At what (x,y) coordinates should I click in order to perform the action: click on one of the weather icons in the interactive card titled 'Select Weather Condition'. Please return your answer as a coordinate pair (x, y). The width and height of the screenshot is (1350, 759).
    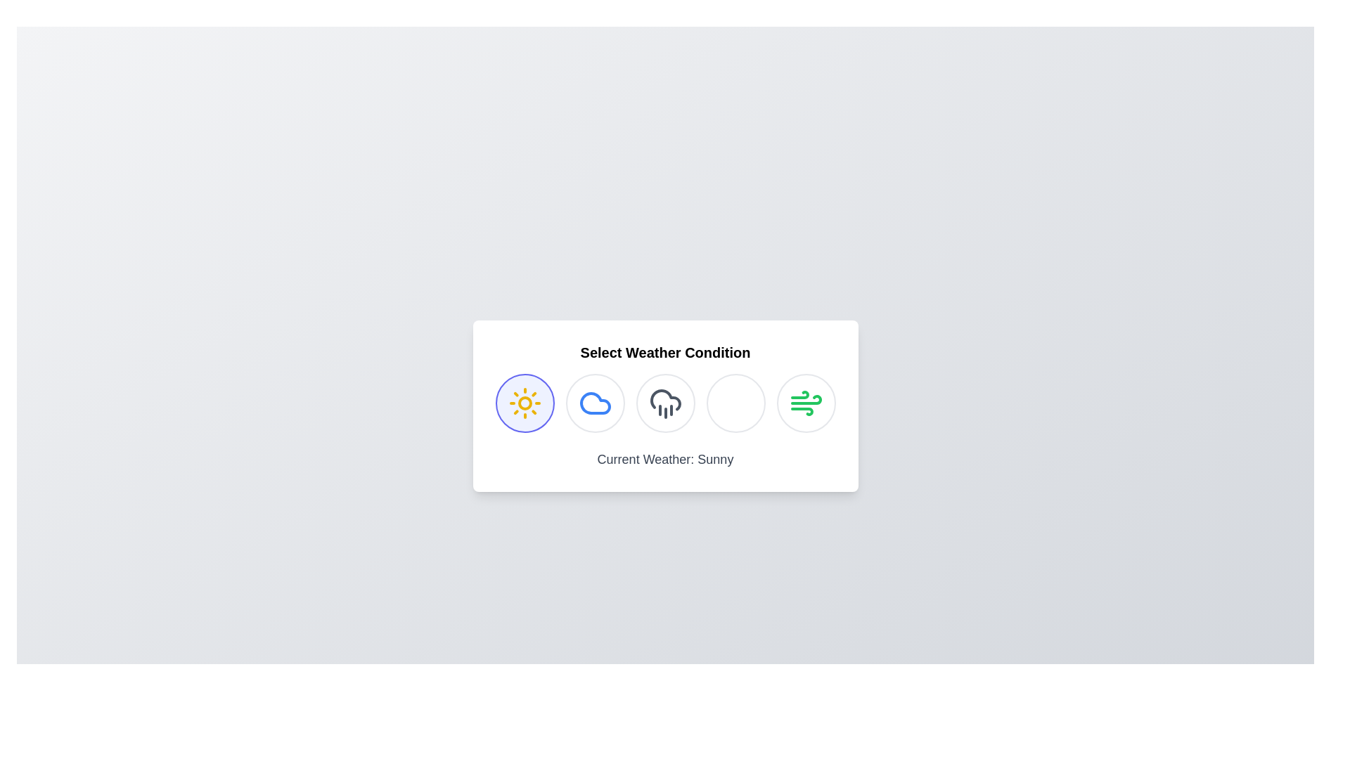
    Looking at the image, I should click on (664, 406).